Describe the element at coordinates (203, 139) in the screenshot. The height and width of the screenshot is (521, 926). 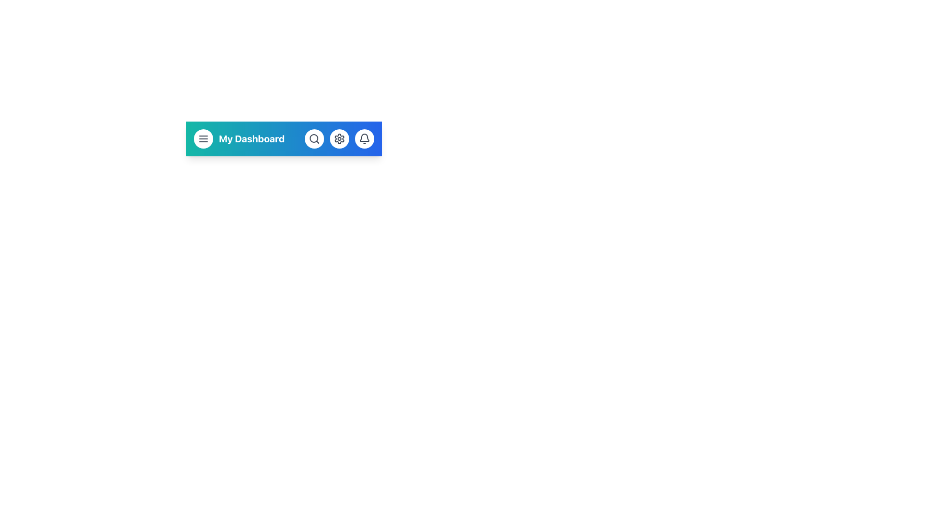
I see `the menu button located at the upper left of the interface` at that location.